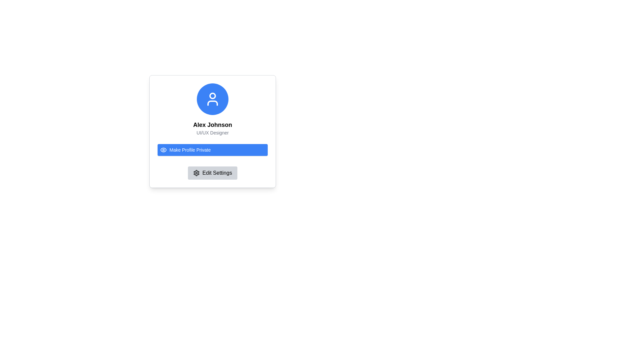 The height and width of the screenshot is (356, 633). I want to click on the circular graphic element representing the user's head in the avatar icon, located at the top-center of the profile card, so click(212, 96).